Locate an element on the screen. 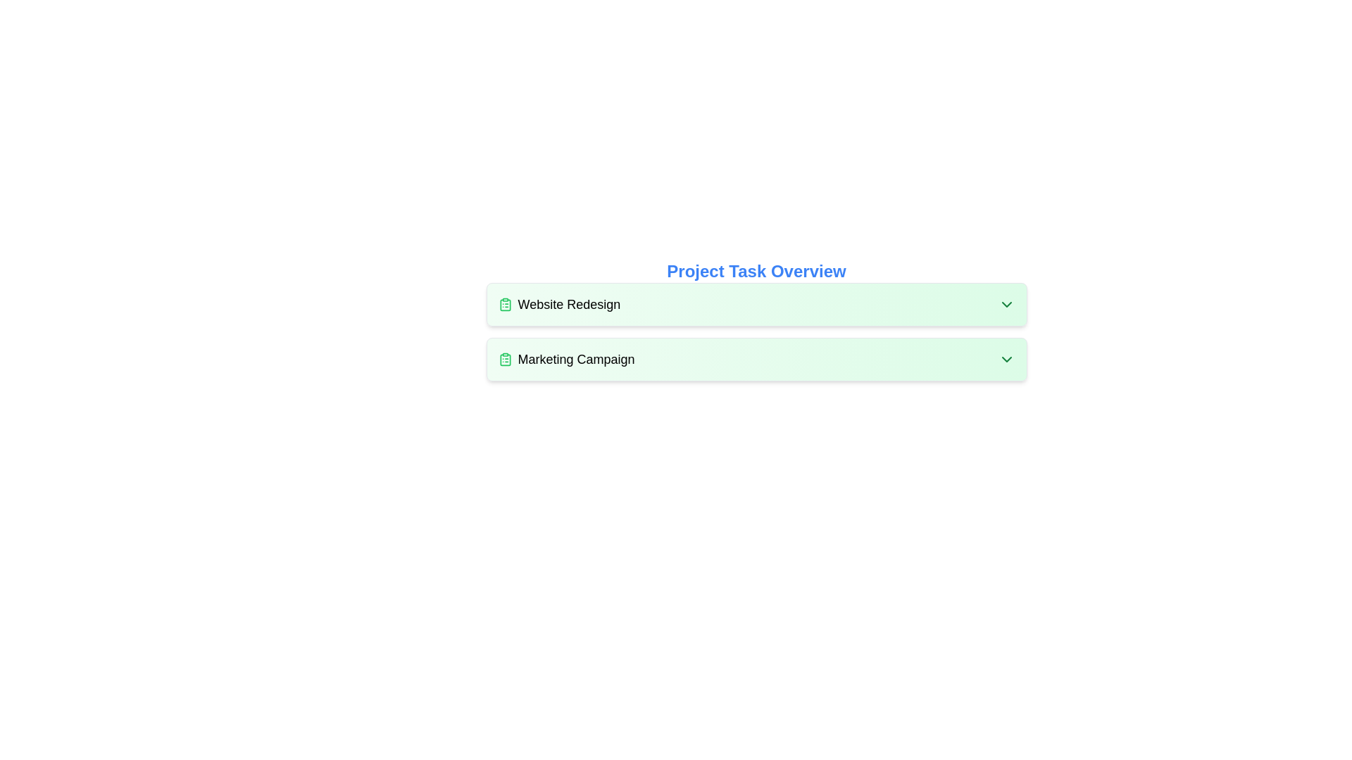  the green clipboard icon representing a list, located to the left of the 'Website Redesign' task label is located at coordinates (505, 303).